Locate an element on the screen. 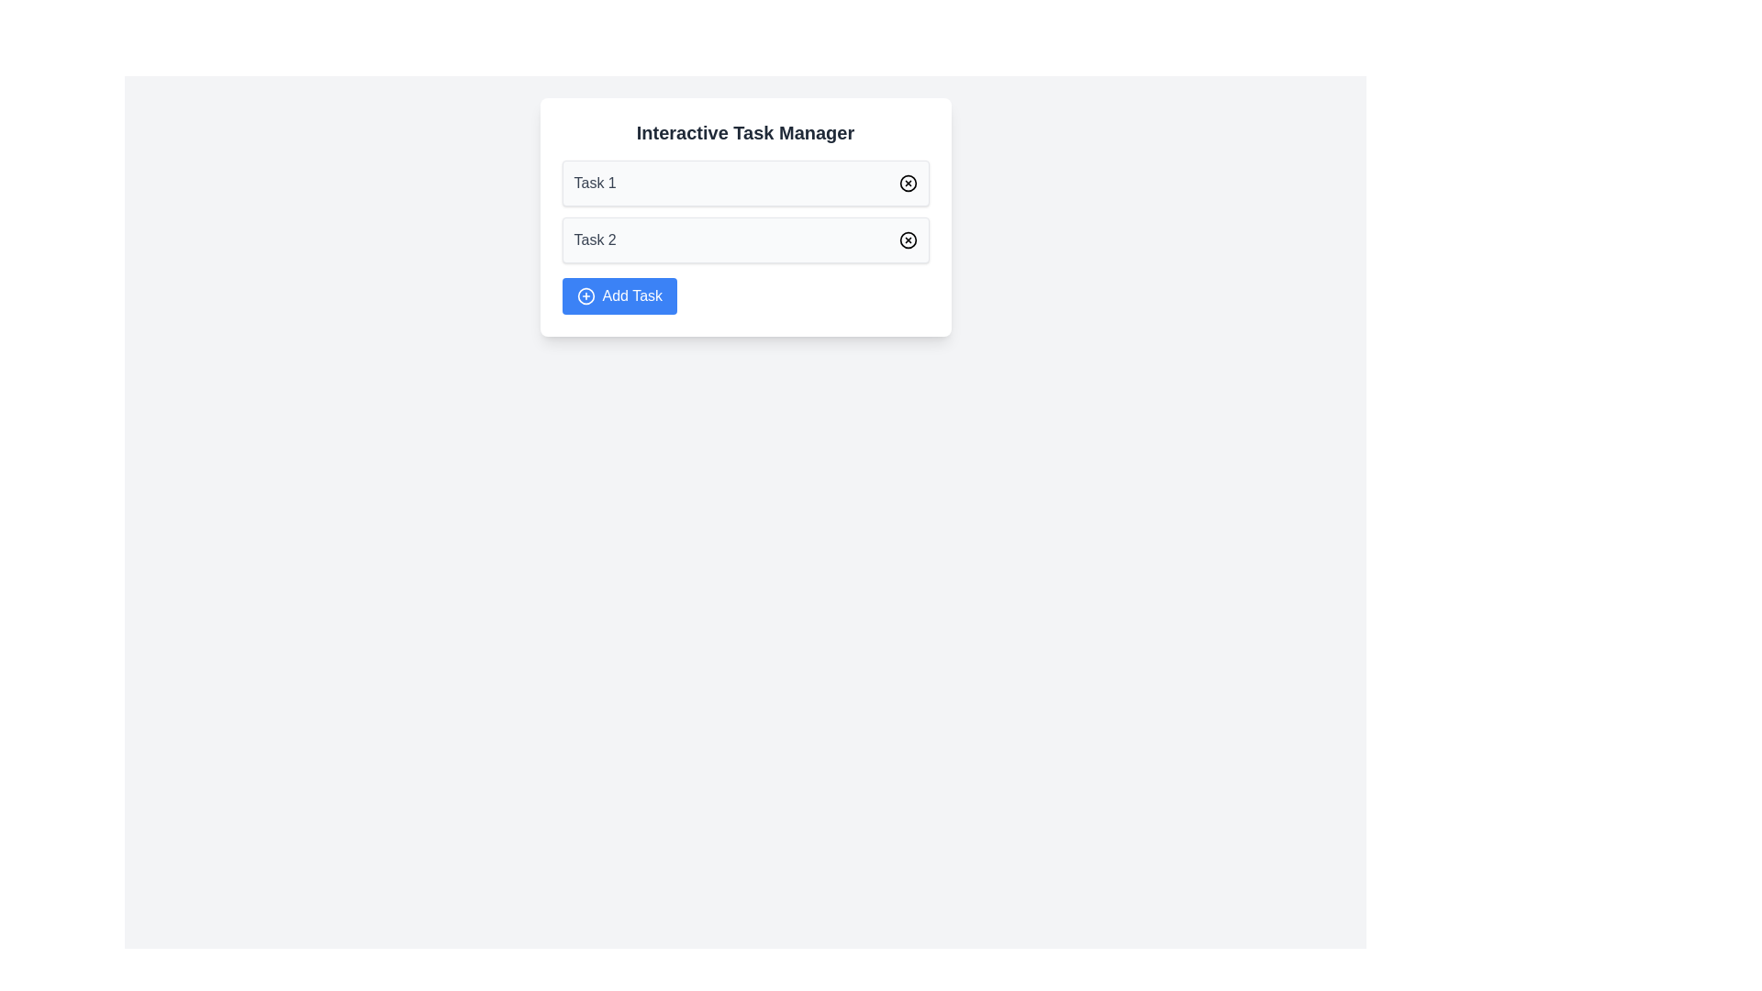  the circular outline graphic that is part of the 'Add Task' button, located below the list of tasks in the dialog box is located at coordinates (585, 295).